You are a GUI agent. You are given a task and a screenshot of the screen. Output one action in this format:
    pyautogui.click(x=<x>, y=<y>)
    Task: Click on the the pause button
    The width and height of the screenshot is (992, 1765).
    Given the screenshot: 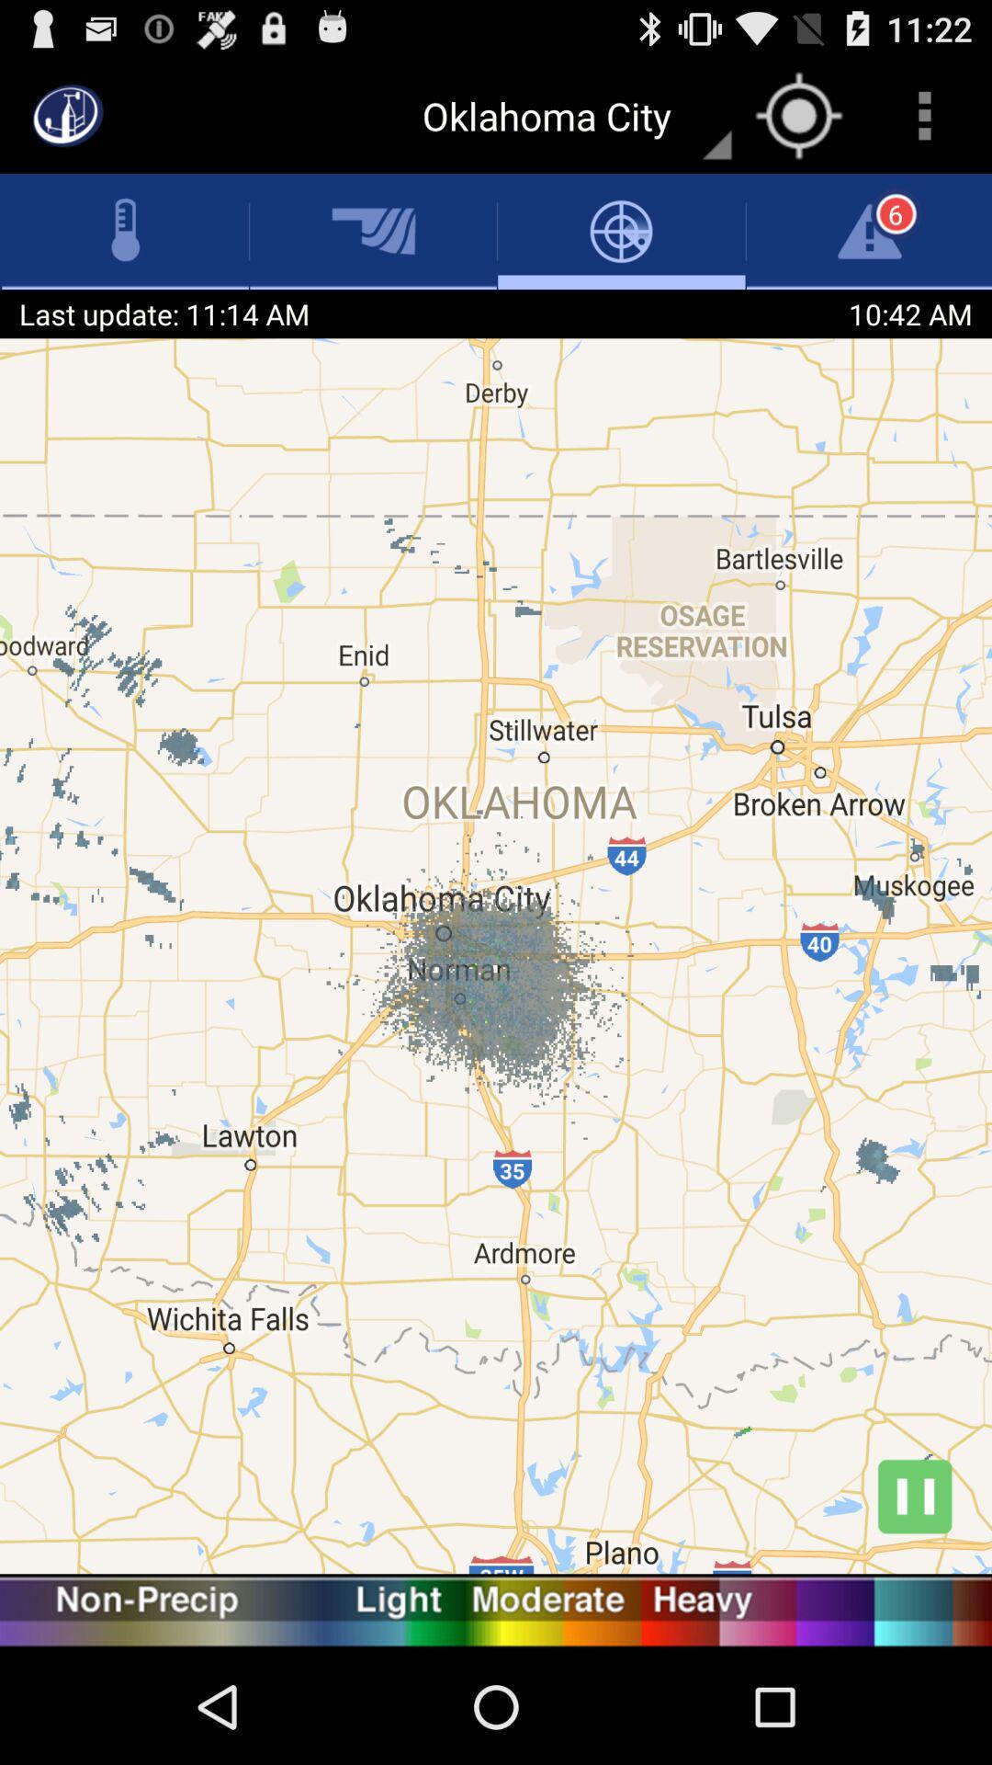 What is the action you would take?
    pyautogui.click(x=914, y=1496)
    